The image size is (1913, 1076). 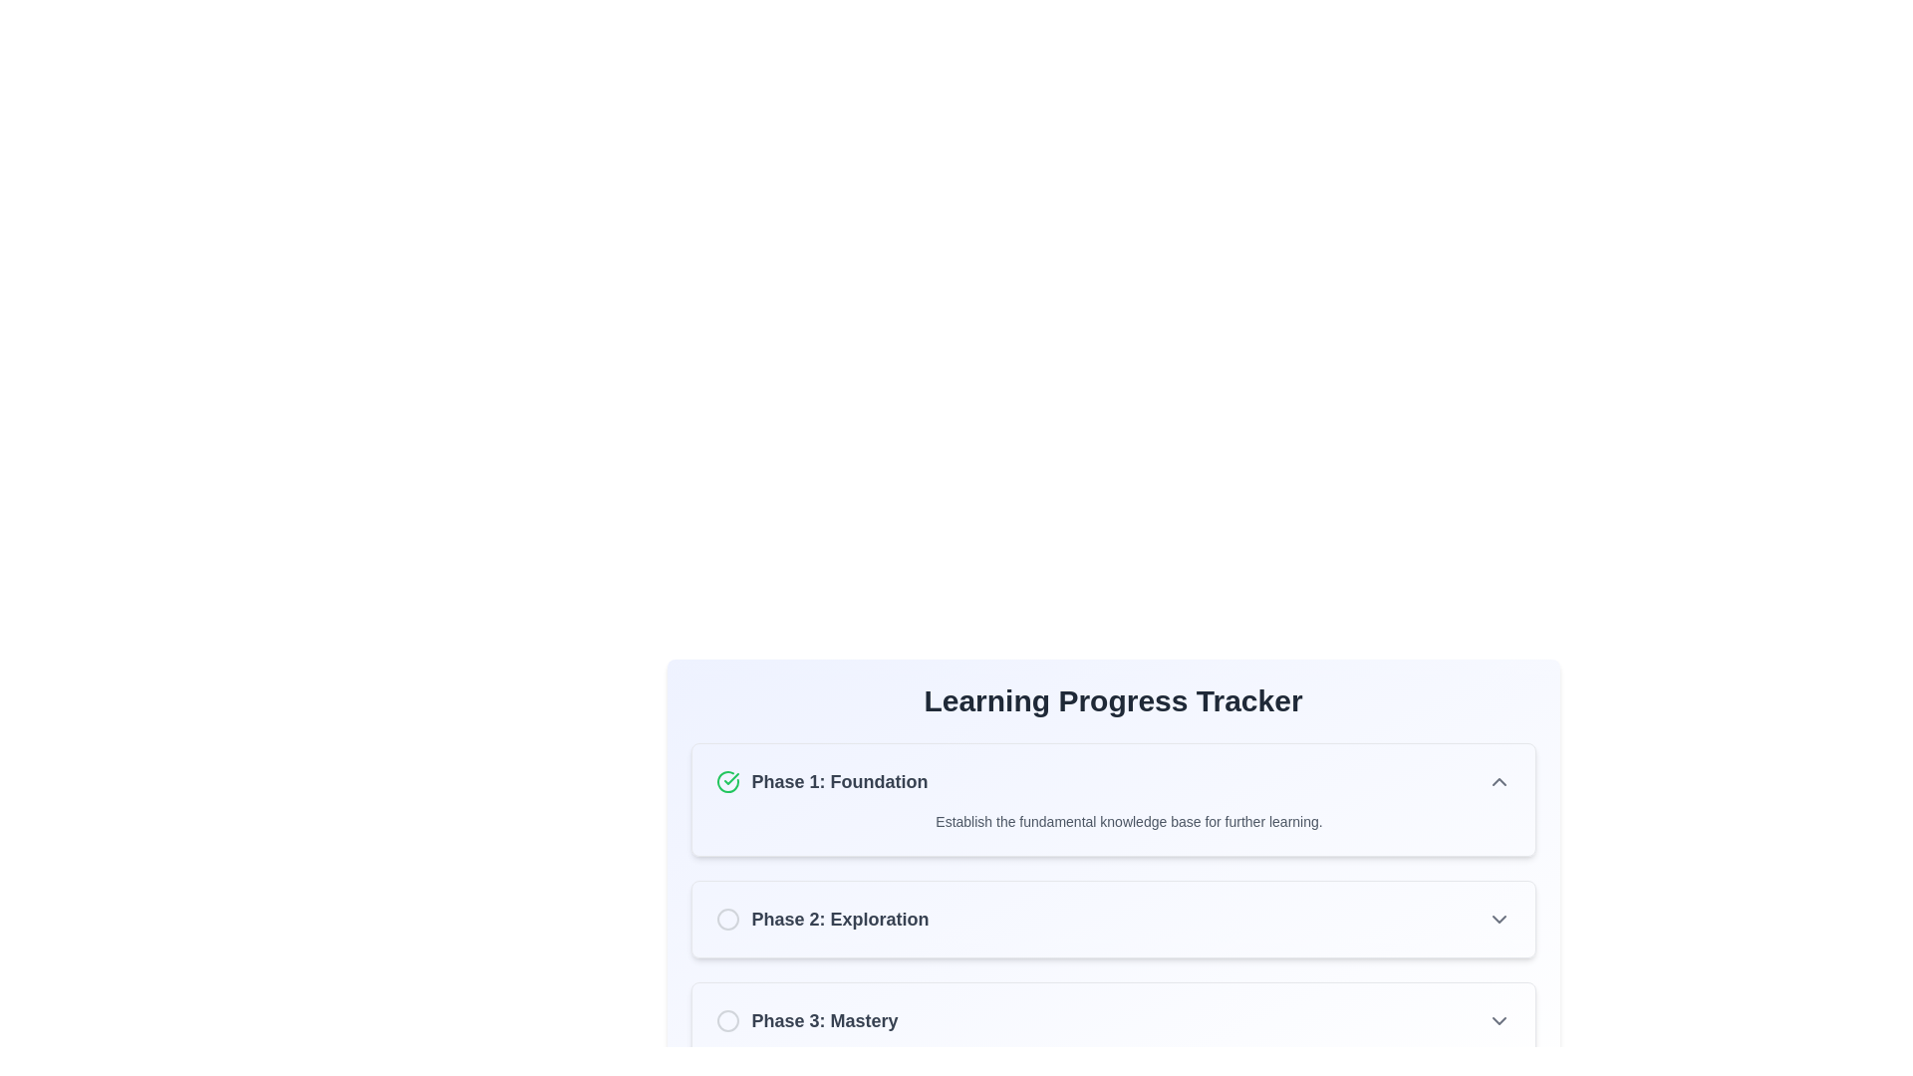 What do you see at coordinates (1499, 781) in the screenshot?
I see `the light gray upward-facing chevron icon located at the far right end of the title bar in the 'Phase 1: Foundation' section` at bounding box center [1499, 781].